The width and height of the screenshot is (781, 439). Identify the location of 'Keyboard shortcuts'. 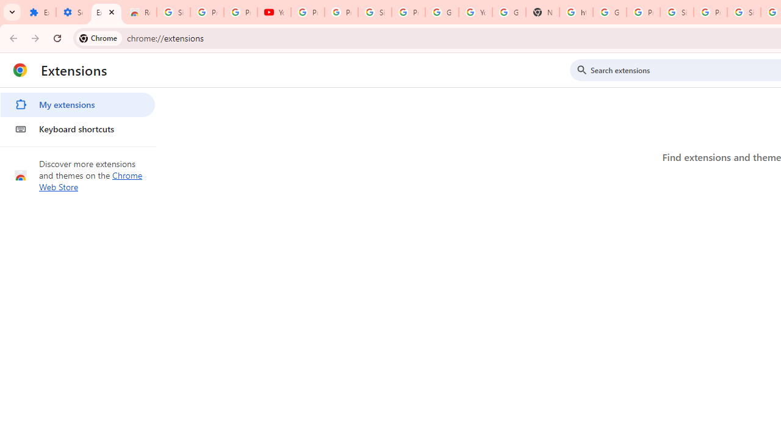
(77, 129).